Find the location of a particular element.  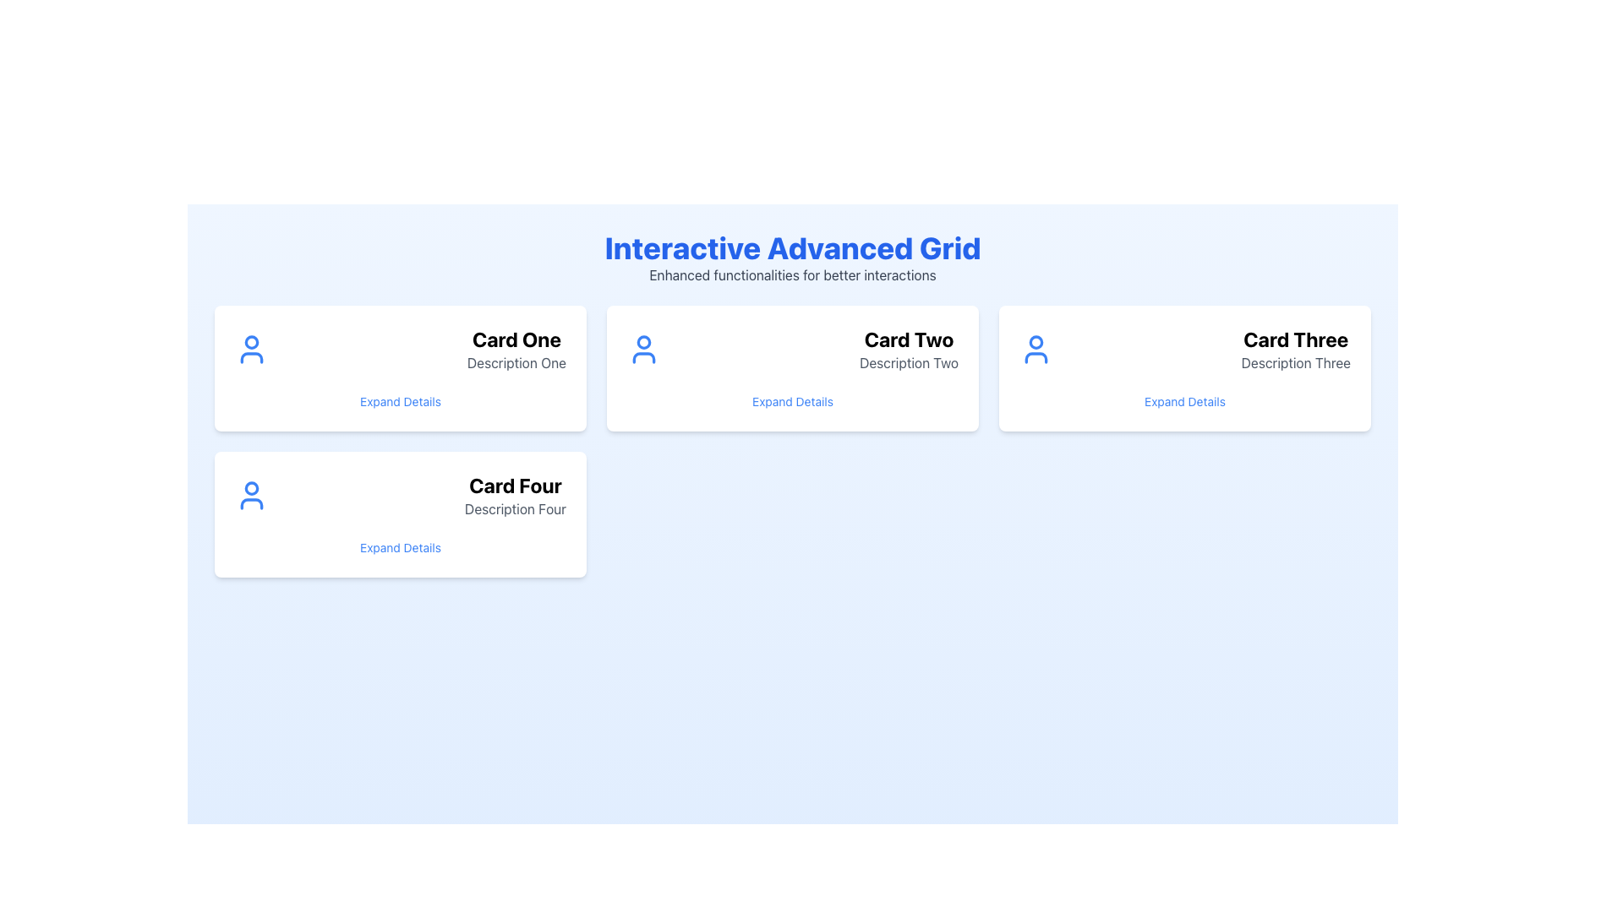

the bold text label reading 'Card Two', which is located in the top-right card of the grid layout, and is positioned above 'Description Two' is located at coordinates (908, 339).